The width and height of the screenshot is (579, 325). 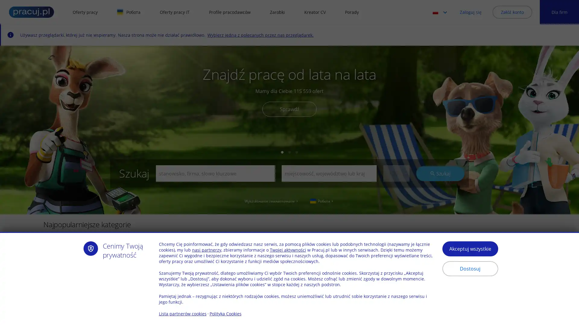 What do you see at coordinates (396, 294) in the screenshot?
I see `+ 100 km` at bounding box center [396, 294].